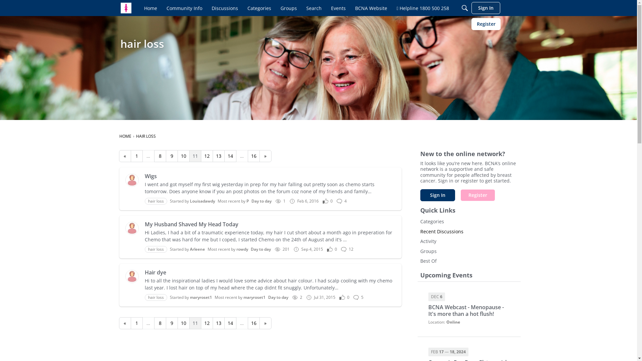 This screenshot has width=642, height=361. I want to click on 'P', so click(247, 201).